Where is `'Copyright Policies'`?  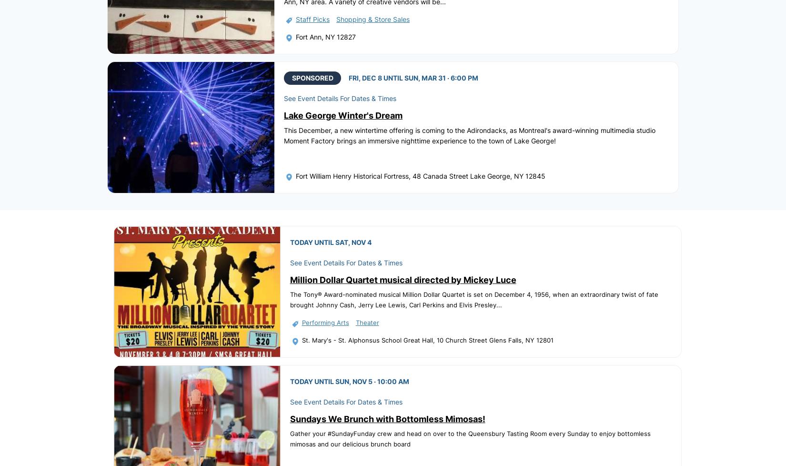
'Copyright Policies' is located at coordinates (447, 446).